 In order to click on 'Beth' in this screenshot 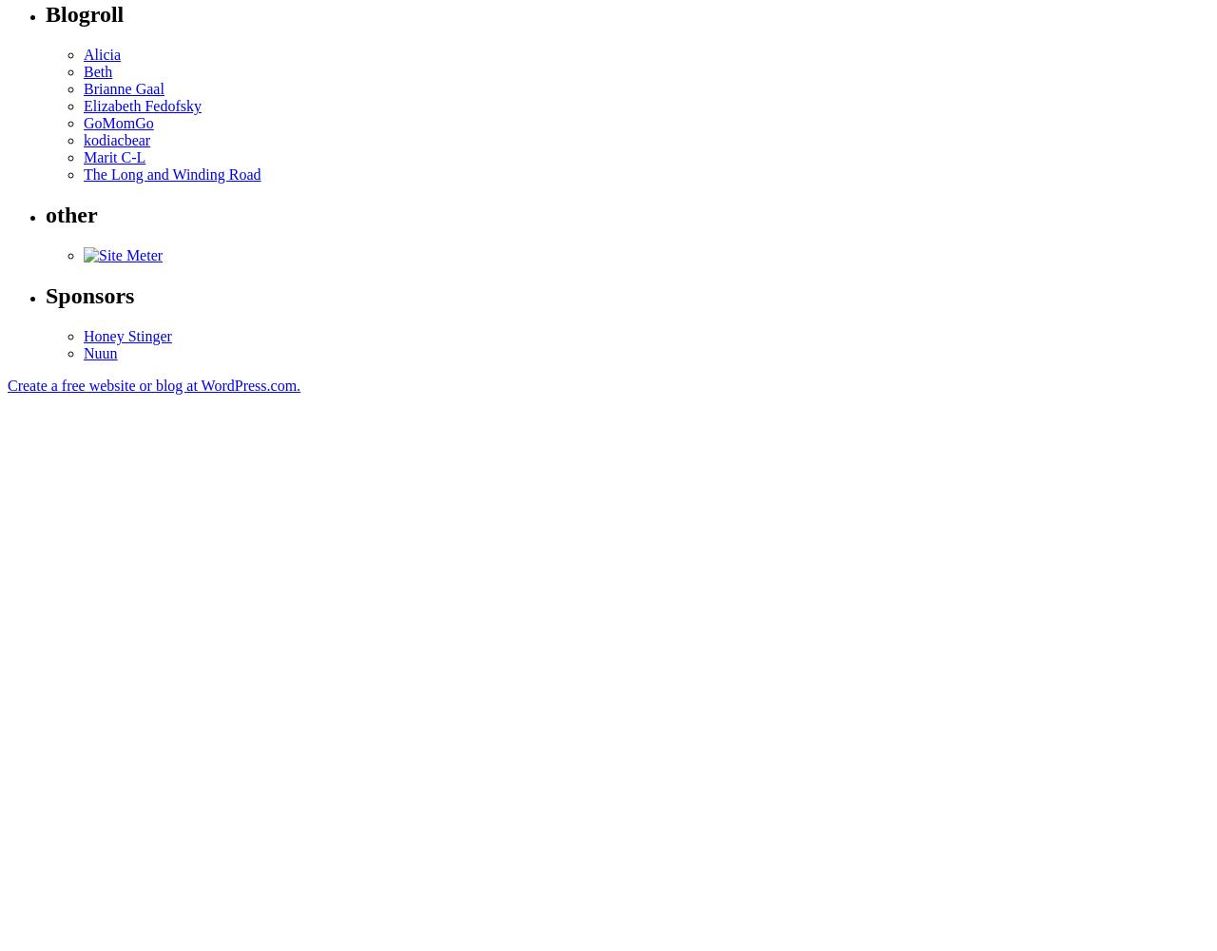, I will do `click(97, 70)`.